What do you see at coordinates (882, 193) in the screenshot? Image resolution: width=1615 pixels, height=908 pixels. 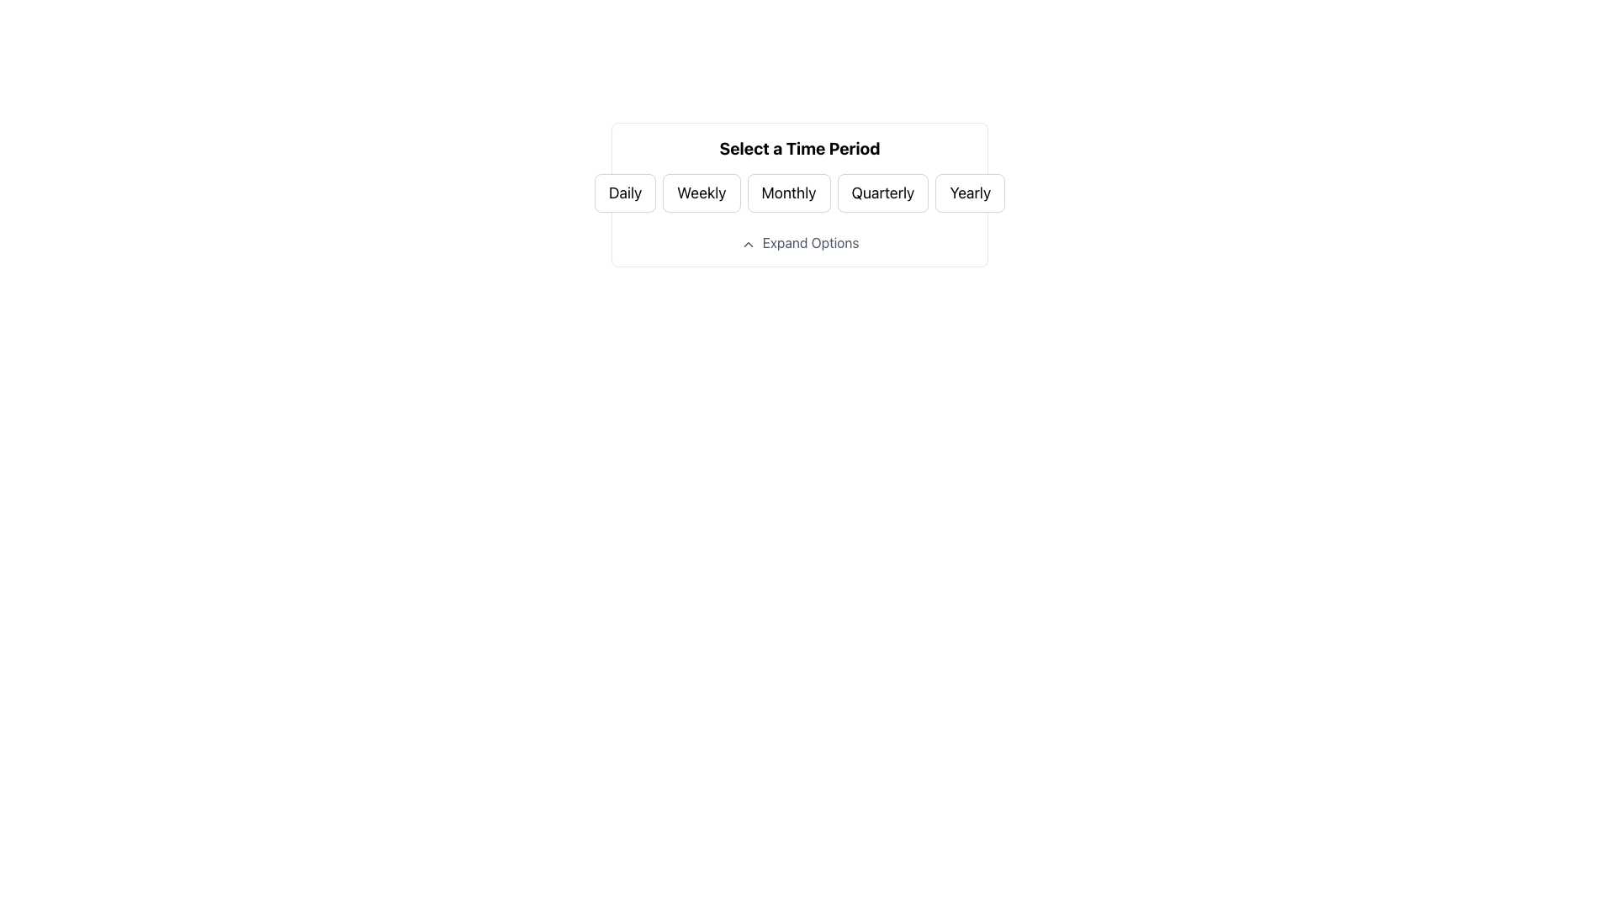 I see `the 'Quarterly' button located in the horizontal set of buttons under the 'Select a Time Period' heading` at bounding box center [882, 193].